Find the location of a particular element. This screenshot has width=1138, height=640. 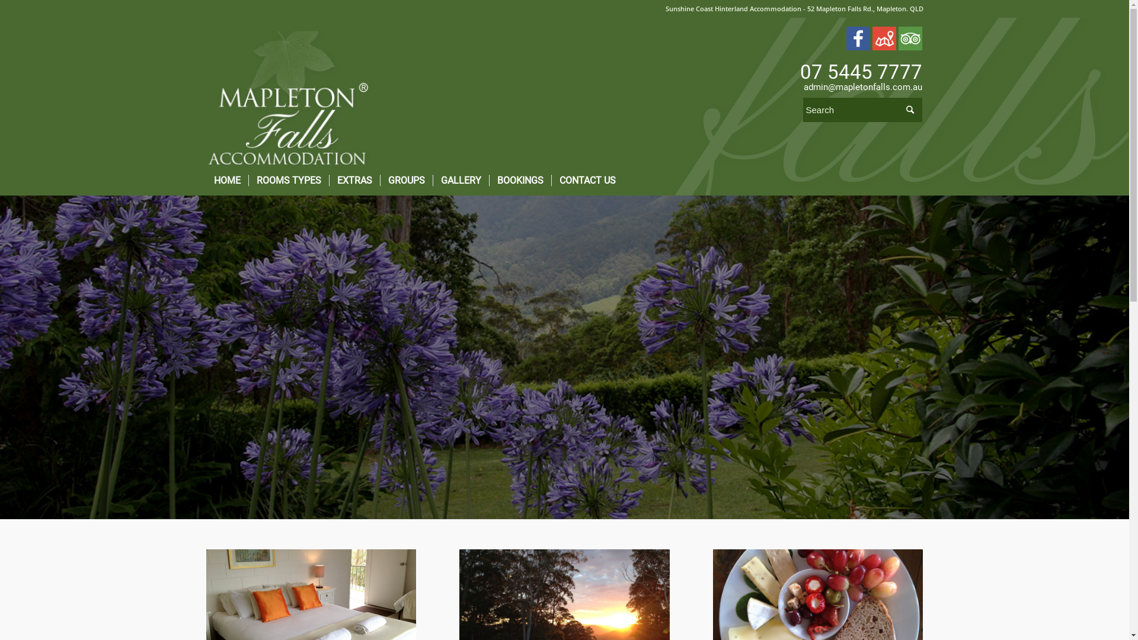

'EXTRAS' is located at coordinates (353, 180).